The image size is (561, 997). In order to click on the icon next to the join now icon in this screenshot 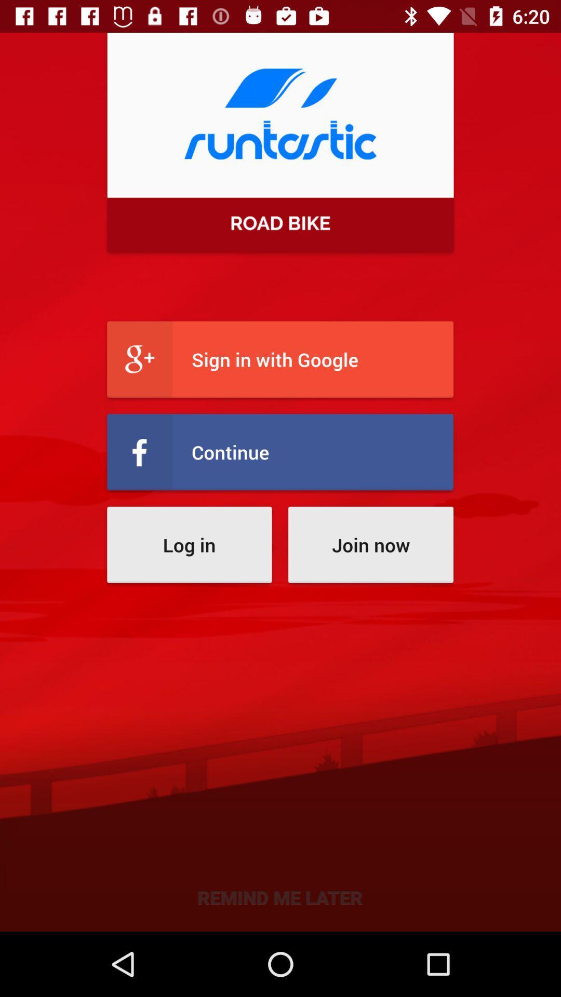, I will do `click(189, 544)`.